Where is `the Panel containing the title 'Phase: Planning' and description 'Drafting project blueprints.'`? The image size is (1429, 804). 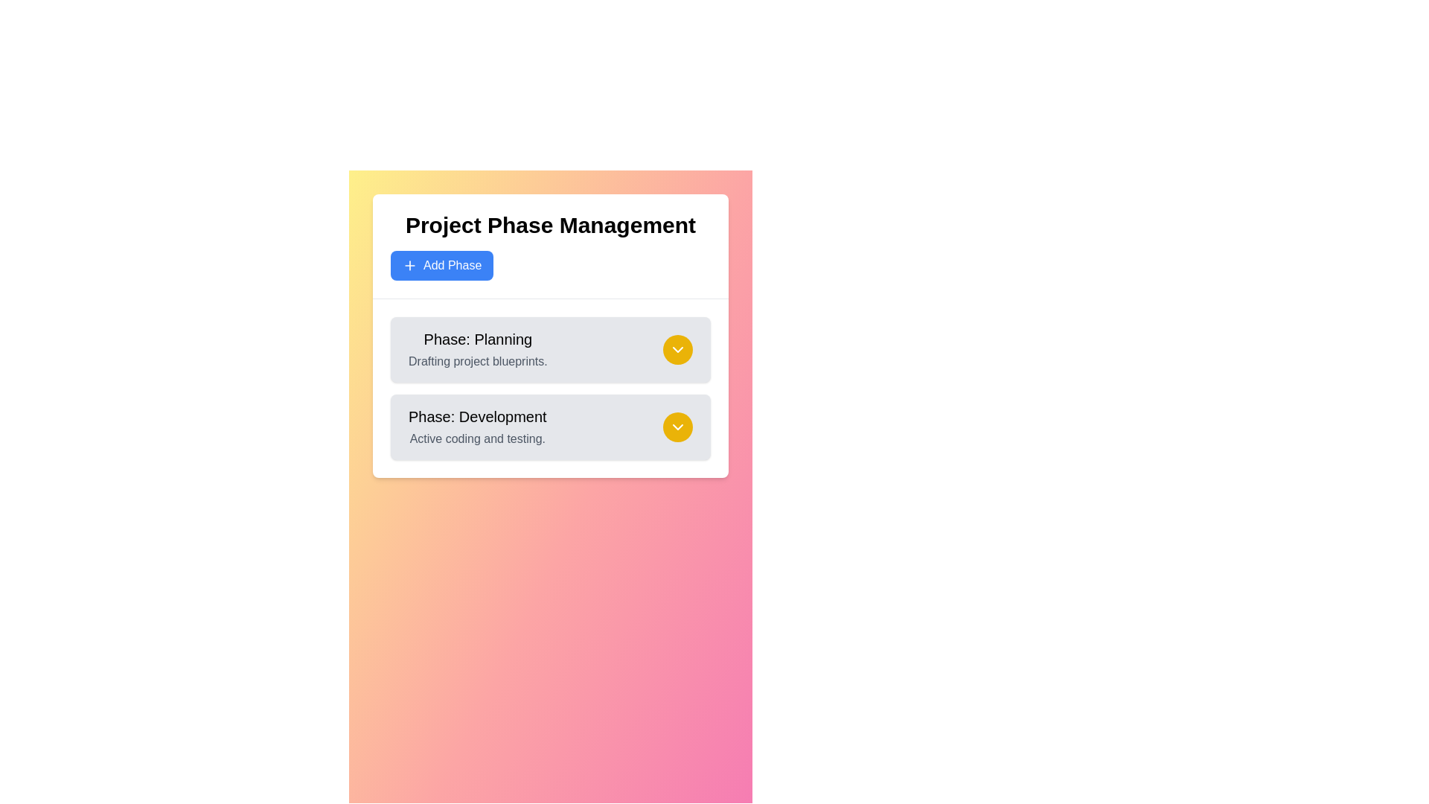 the Panel containing the title 'Phase: Planning' and description 'Drafting project blueprints.' is located at coordinates (549, 350).